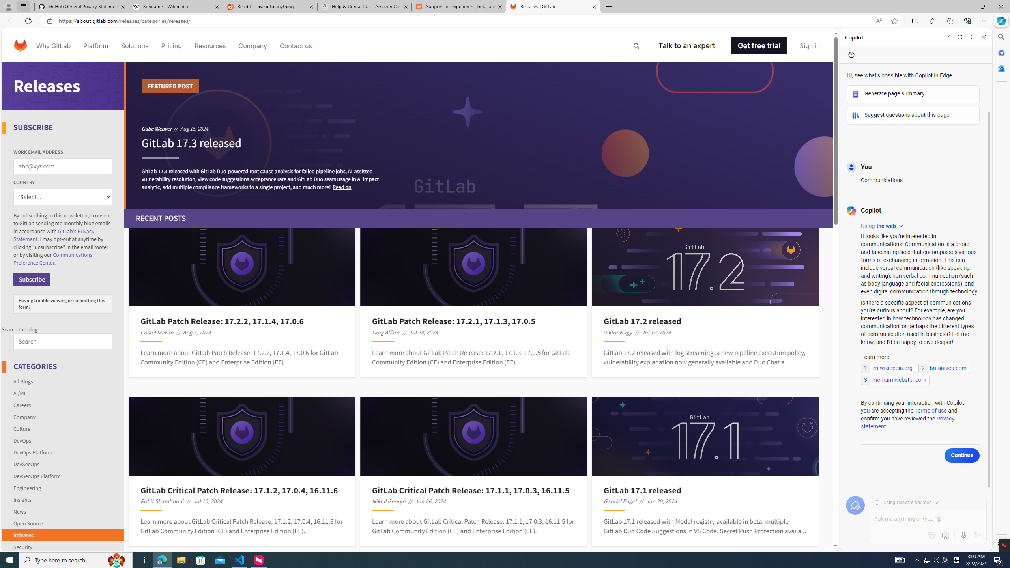 This screenshot has width=1010, height=568. I want to click on 'DevSecOps Platform', so click(37, 476).